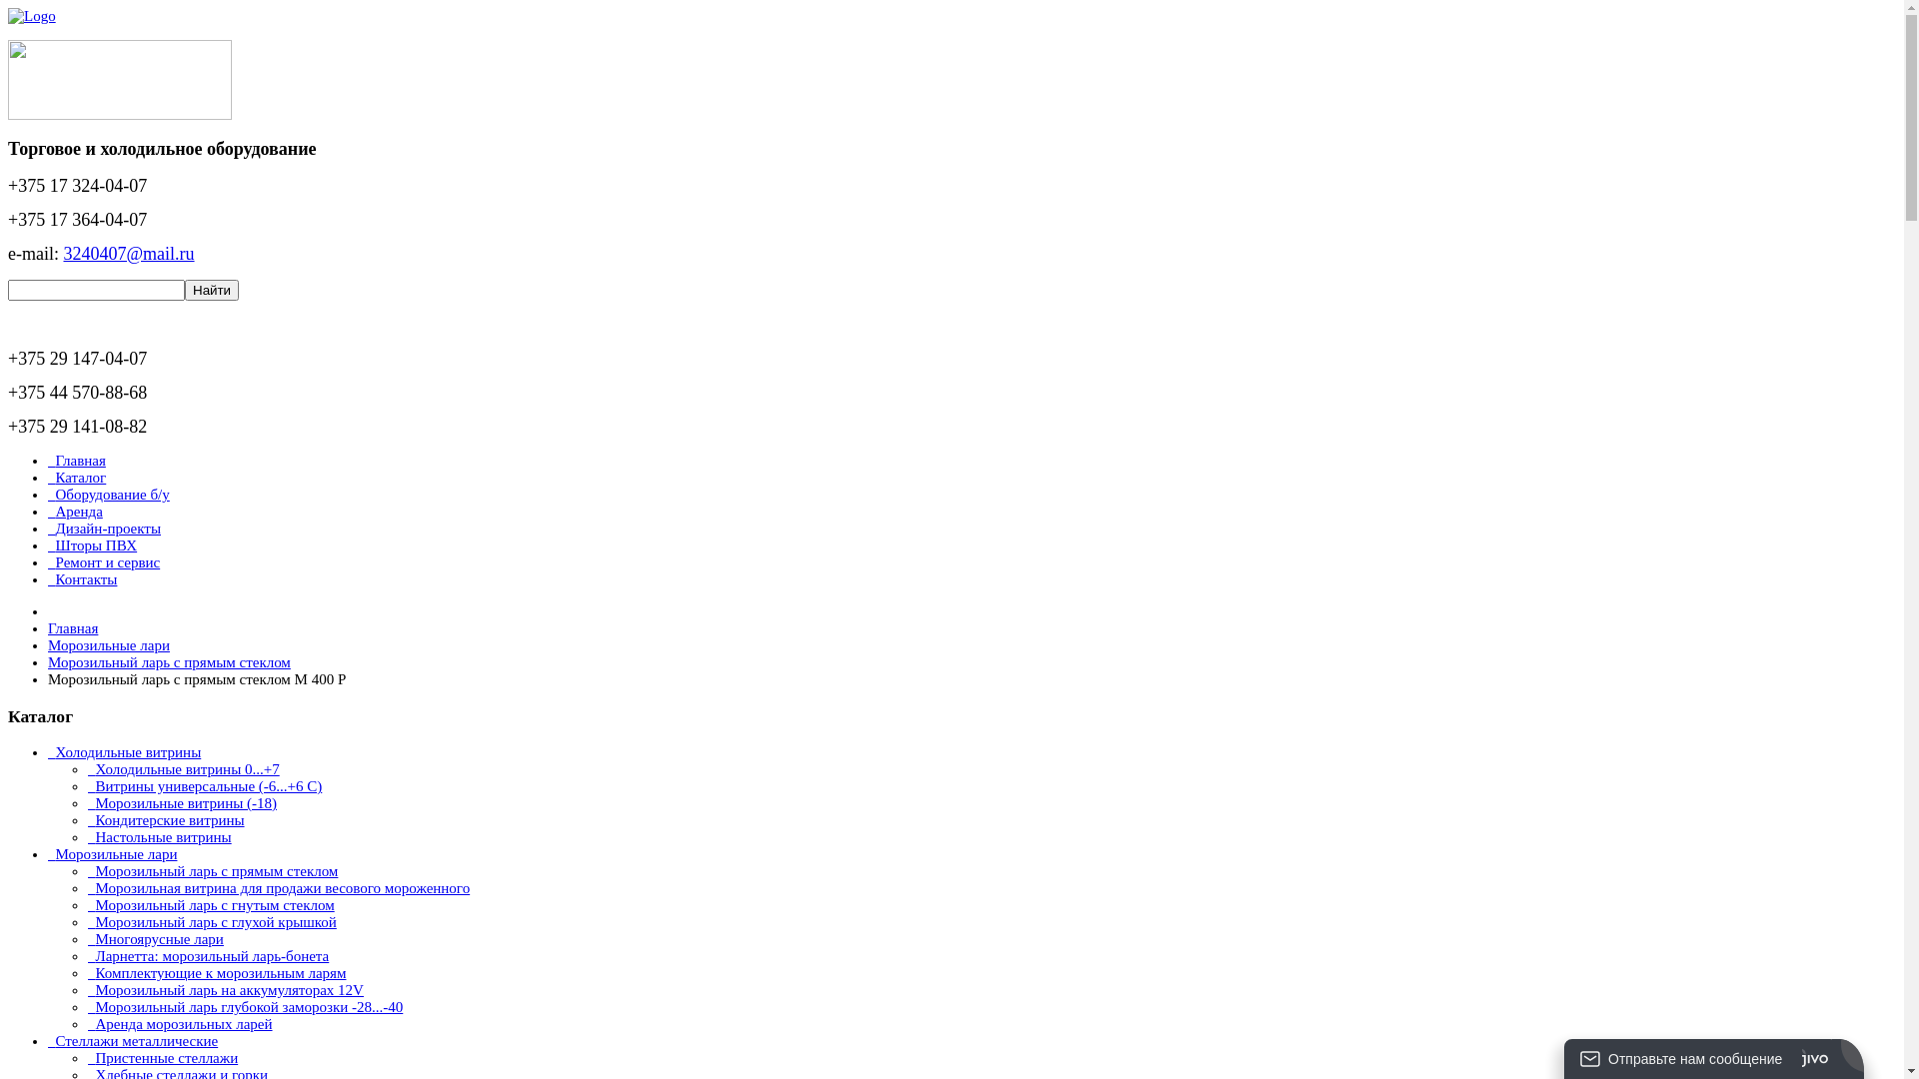 The image size is (1919, 1079). I want to click on '3240407@mail.ru', so click(127, 253).